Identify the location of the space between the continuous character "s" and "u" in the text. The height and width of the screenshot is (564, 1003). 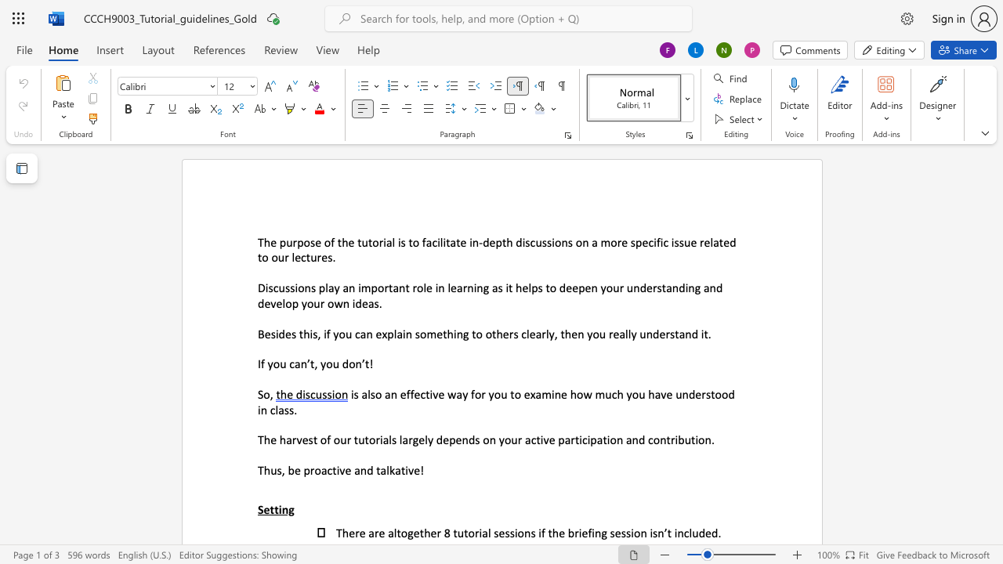
(684, 242).